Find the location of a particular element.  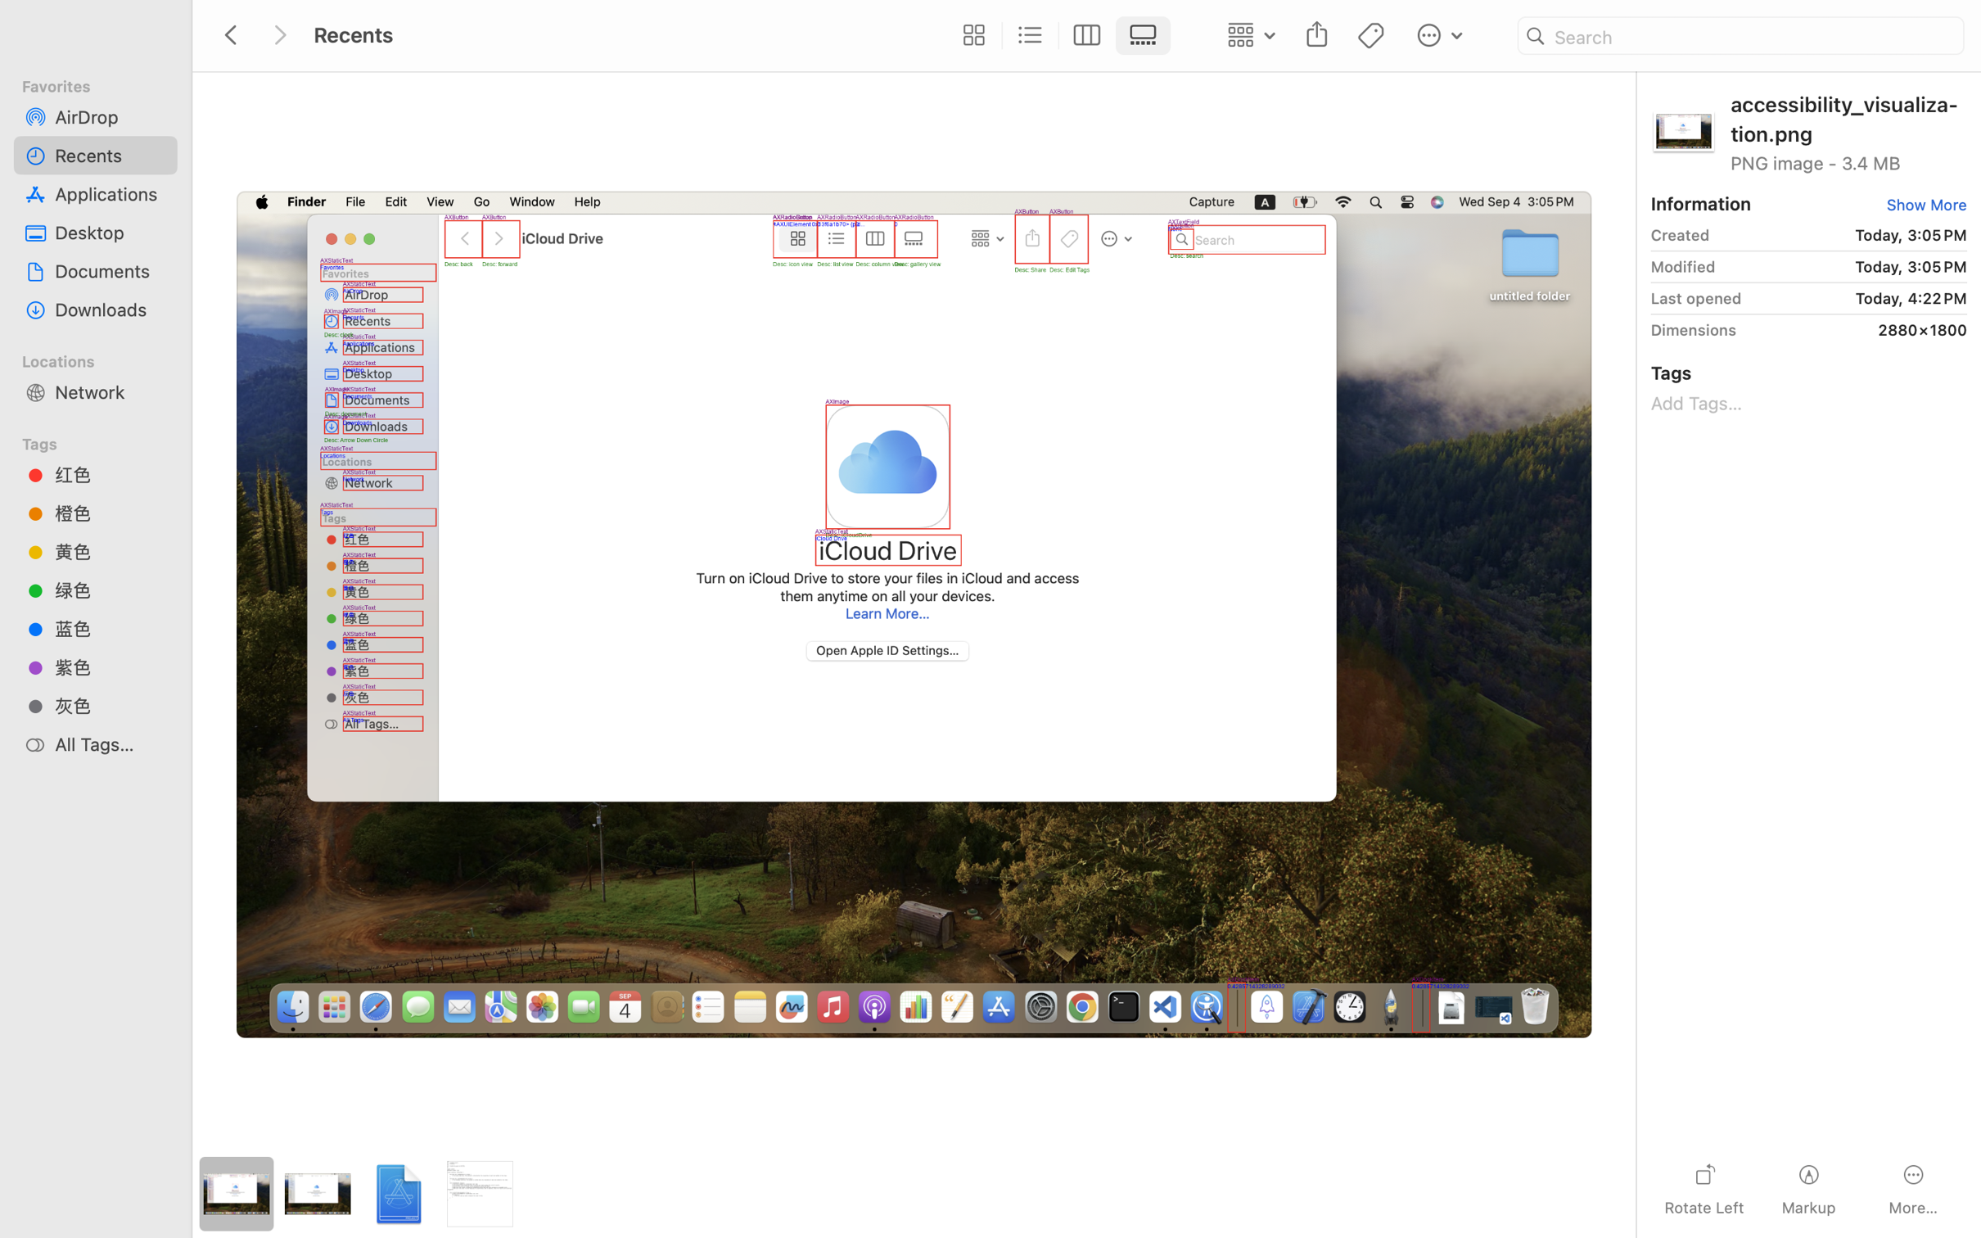

'灰色' is located at coordinates (110, 705).